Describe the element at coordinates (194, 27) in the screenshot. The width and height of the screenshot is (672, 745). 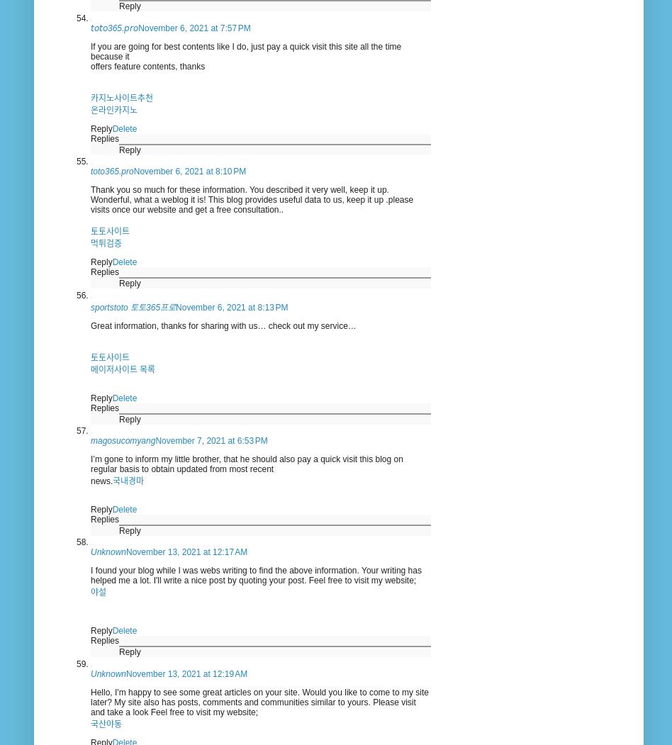
I see `'November 6, 2021 at 7:57 PM'` at that location.